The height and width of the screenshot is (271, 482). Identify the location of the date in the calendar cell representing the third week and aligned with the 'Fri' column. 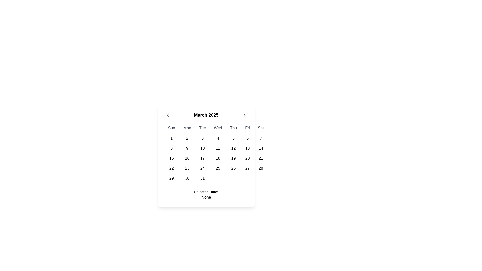
(216, 158).